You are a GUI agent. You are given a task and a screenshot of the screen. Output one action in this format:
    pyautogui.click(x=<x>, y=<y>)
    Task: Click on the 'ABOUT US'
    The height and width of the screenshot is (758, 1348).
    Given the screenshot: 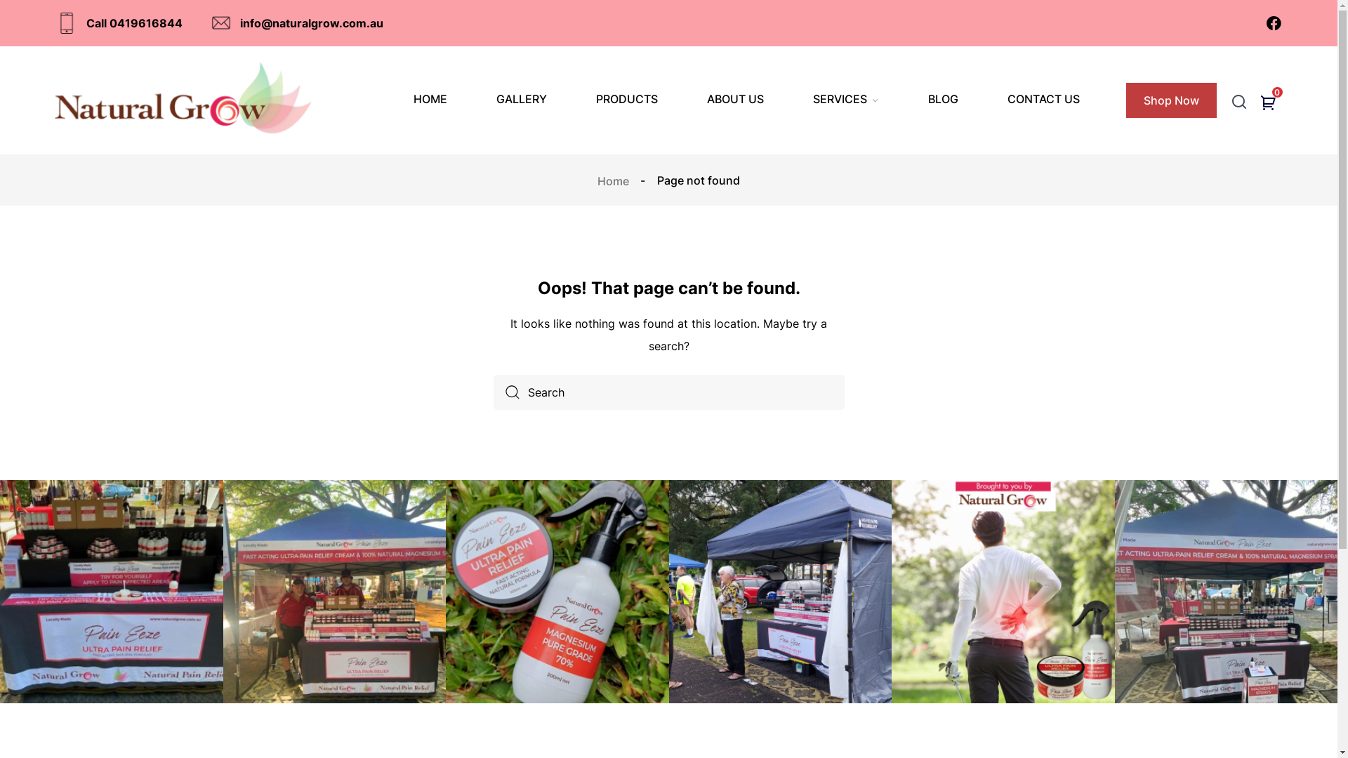 What is the action you would take?
    pyautogui.click(x=734, y=98)
    